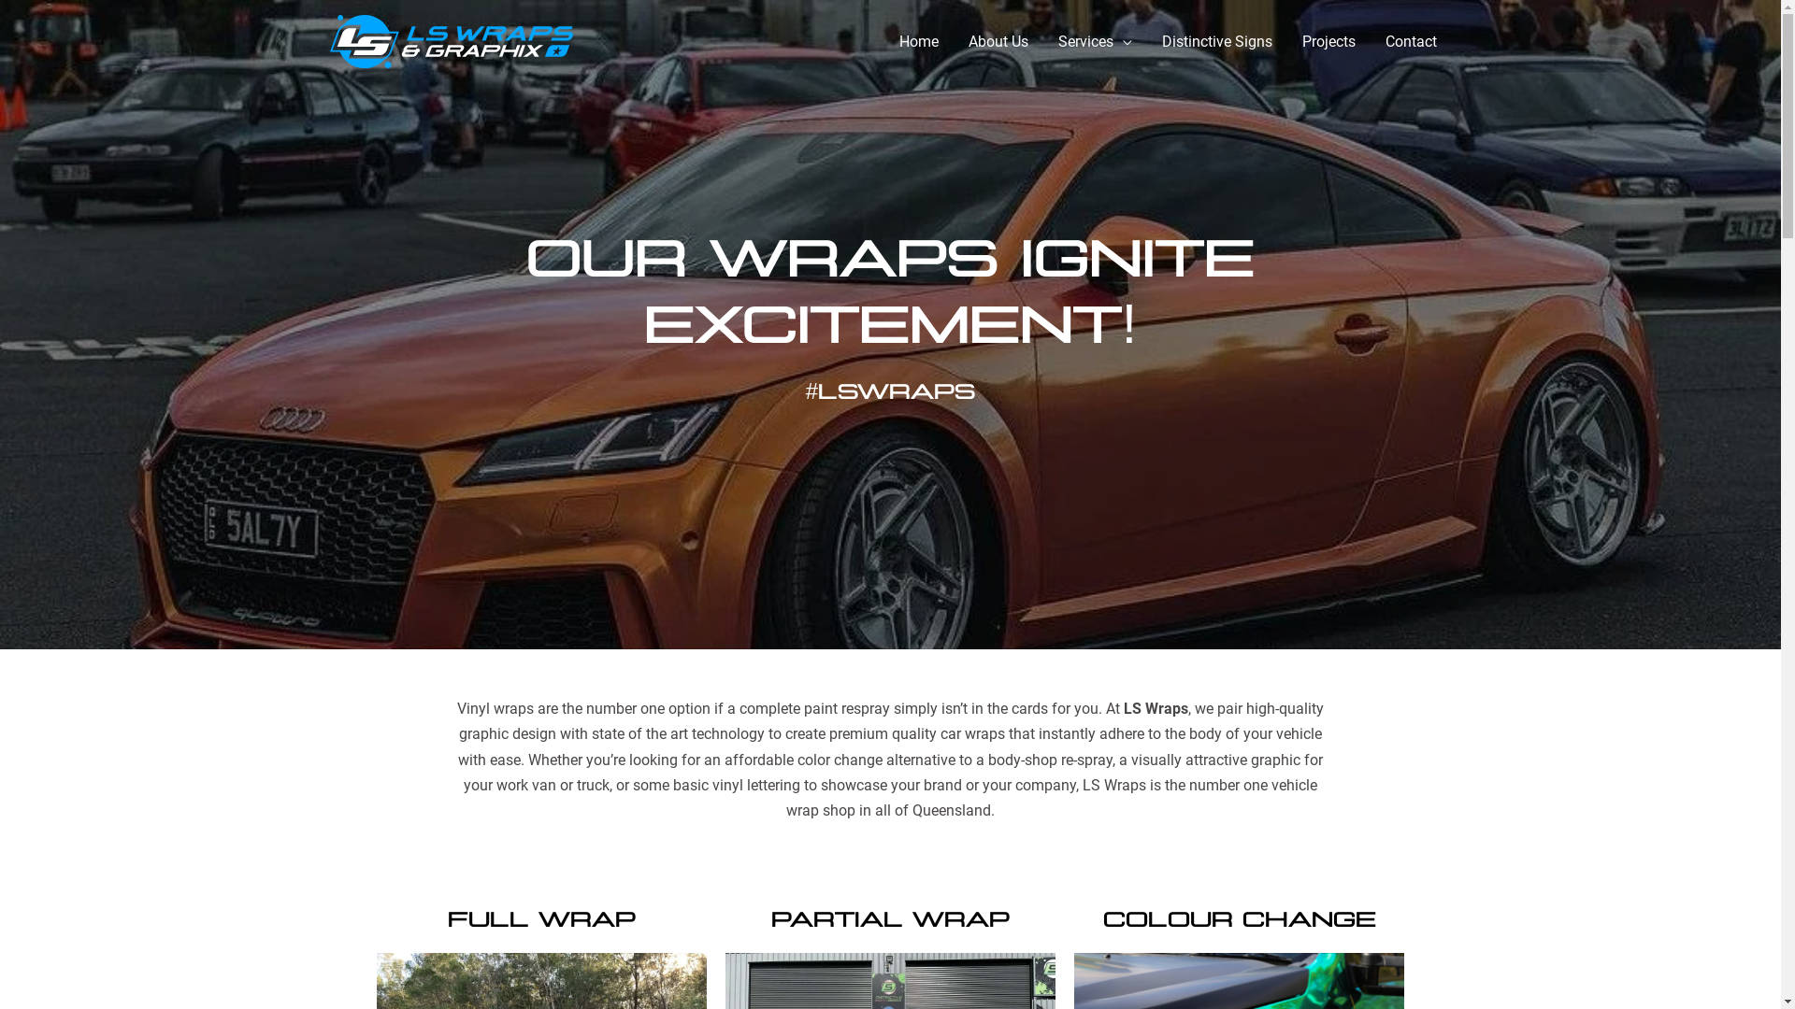  Describe the element at coordinates (1327, 42) in the screenshot. I see `'Projects'` at that location.